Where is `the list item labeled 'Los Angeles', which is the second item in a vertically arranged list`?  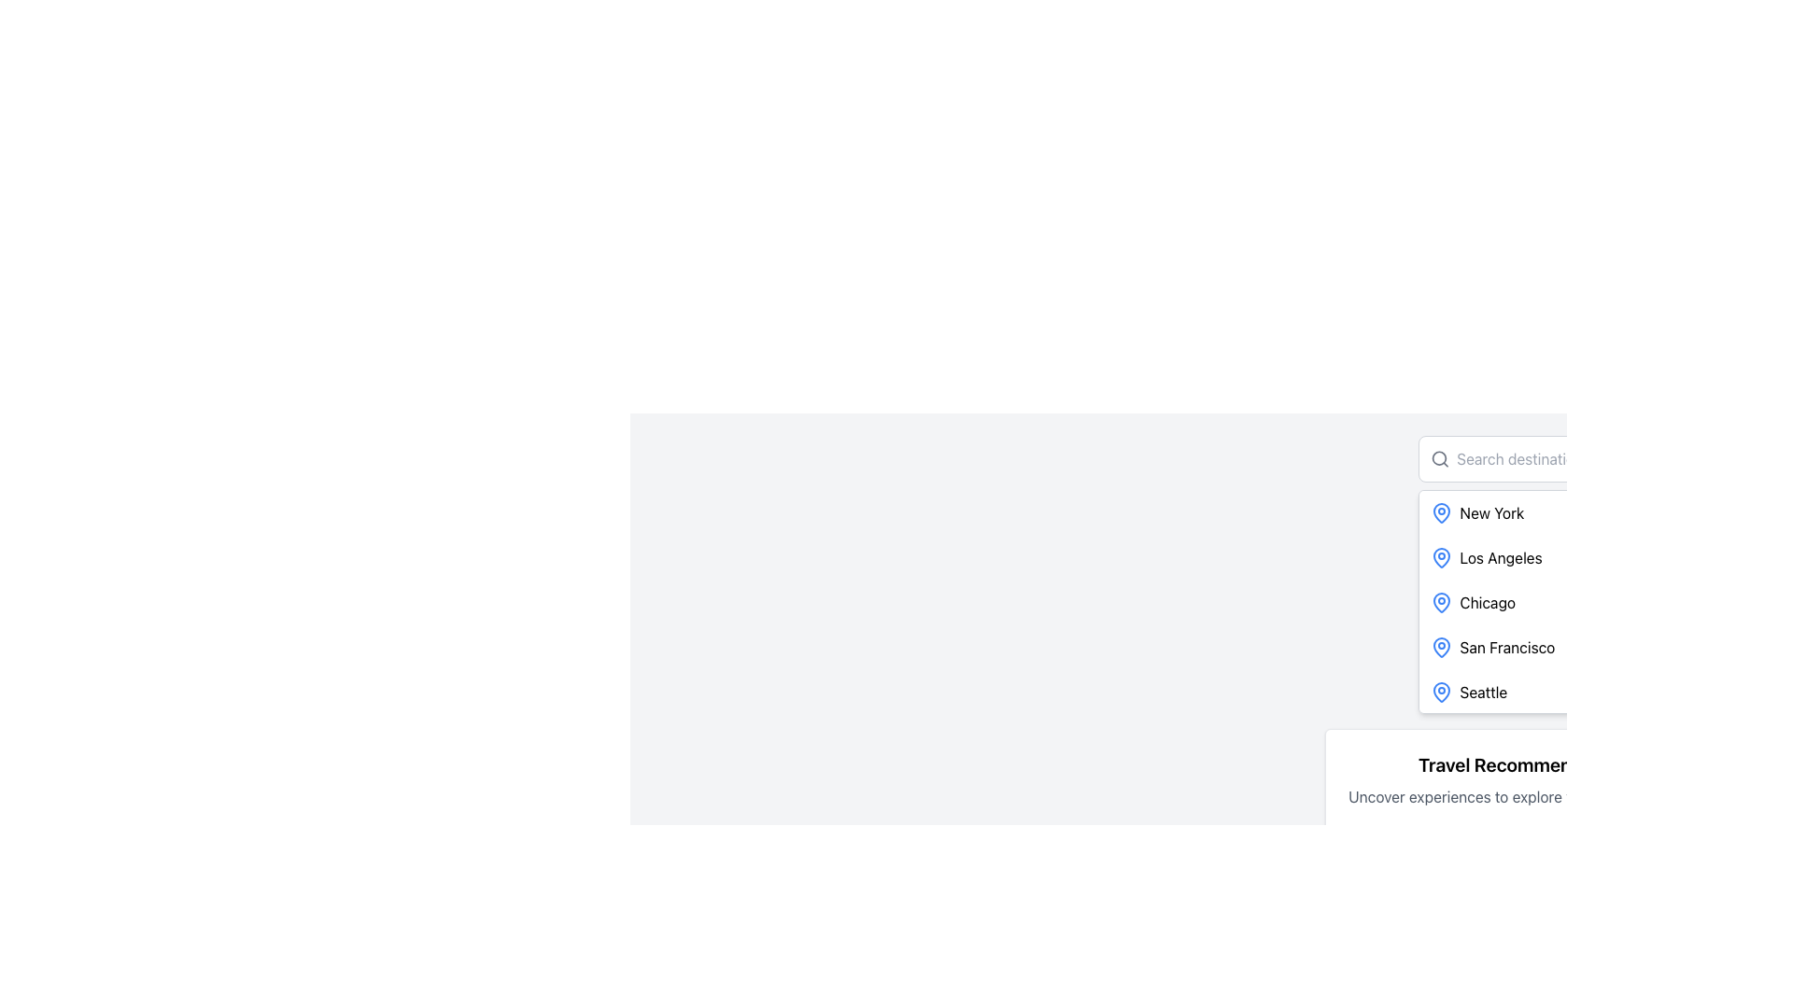 the list item labeled 'Los Angeles', which is the second item in a vertically arranged list is located at coordinates (1527, 574).